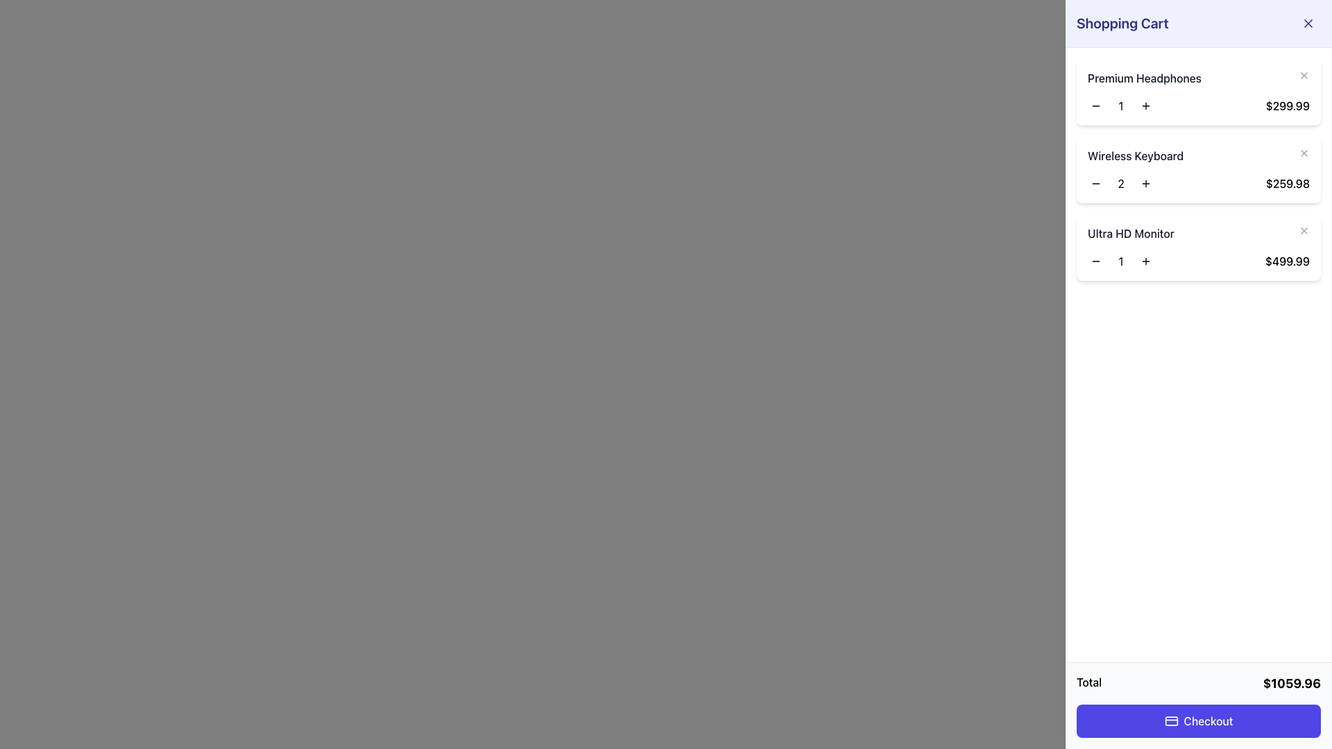  Describe the element at coordinates (1287, 105) in the screenshot. I see `the text label displaying the price '$299.99' in the shopping cart, located at the top-right corner of the first product row` at that location.